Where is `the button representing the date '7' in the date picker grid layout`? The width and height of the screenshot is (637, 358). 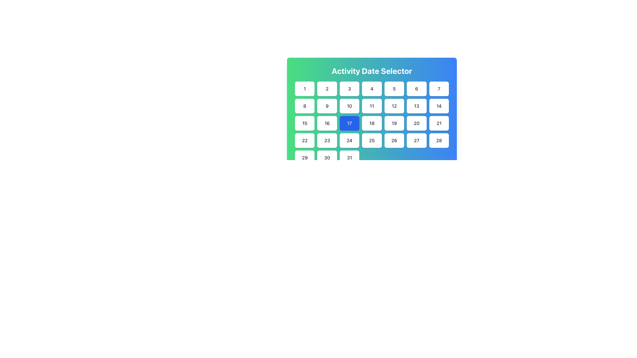
the button representing the date '7' in the date picker grid layout is located at coordinates (439, 88).